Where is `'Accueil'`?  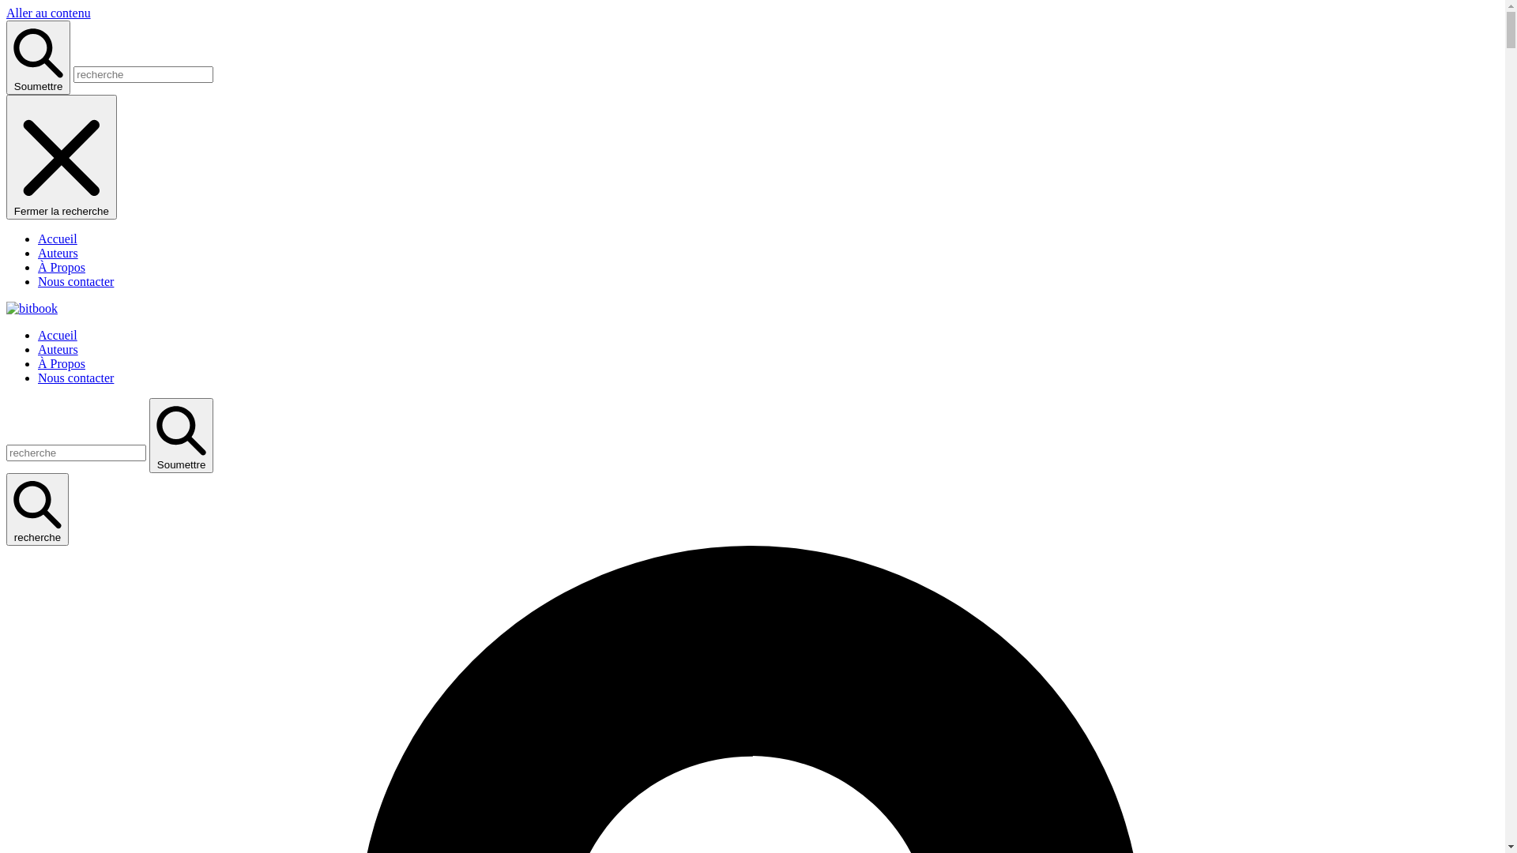
'Accueil' is located at coordinates (57, 239).